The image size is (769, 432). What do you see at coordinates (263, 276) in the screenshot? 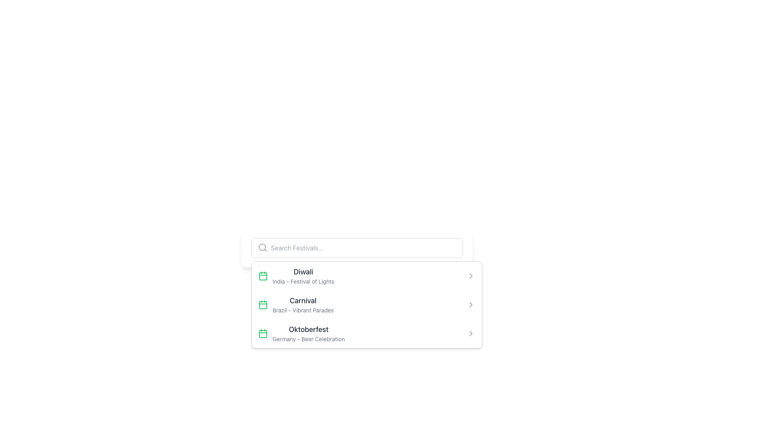
I see `the green rectangular calendar icon located to the left of the 'Carnival - Brazil - Vibrant Parades' list item` at bounding box center [263, 276].